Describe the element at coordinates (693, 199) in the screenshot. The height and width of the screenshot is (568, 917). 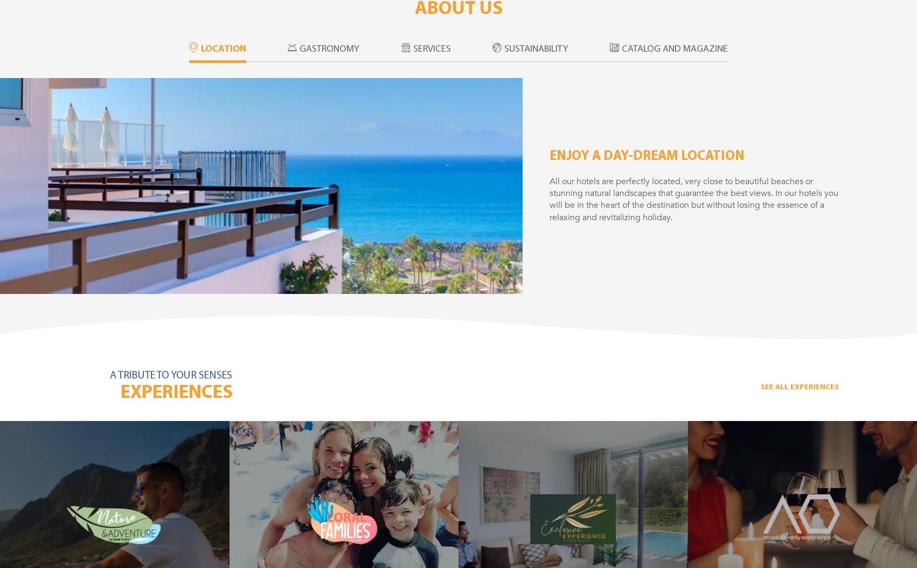
I see `'All our hotels are perfectly located, very close to beautiful beaches or stunning natural landscapes that guarantee the best views. In our hotels you will be in the heart of the destination but without losing the essence of a relaxing and revitalizing holiday.'` at that location.